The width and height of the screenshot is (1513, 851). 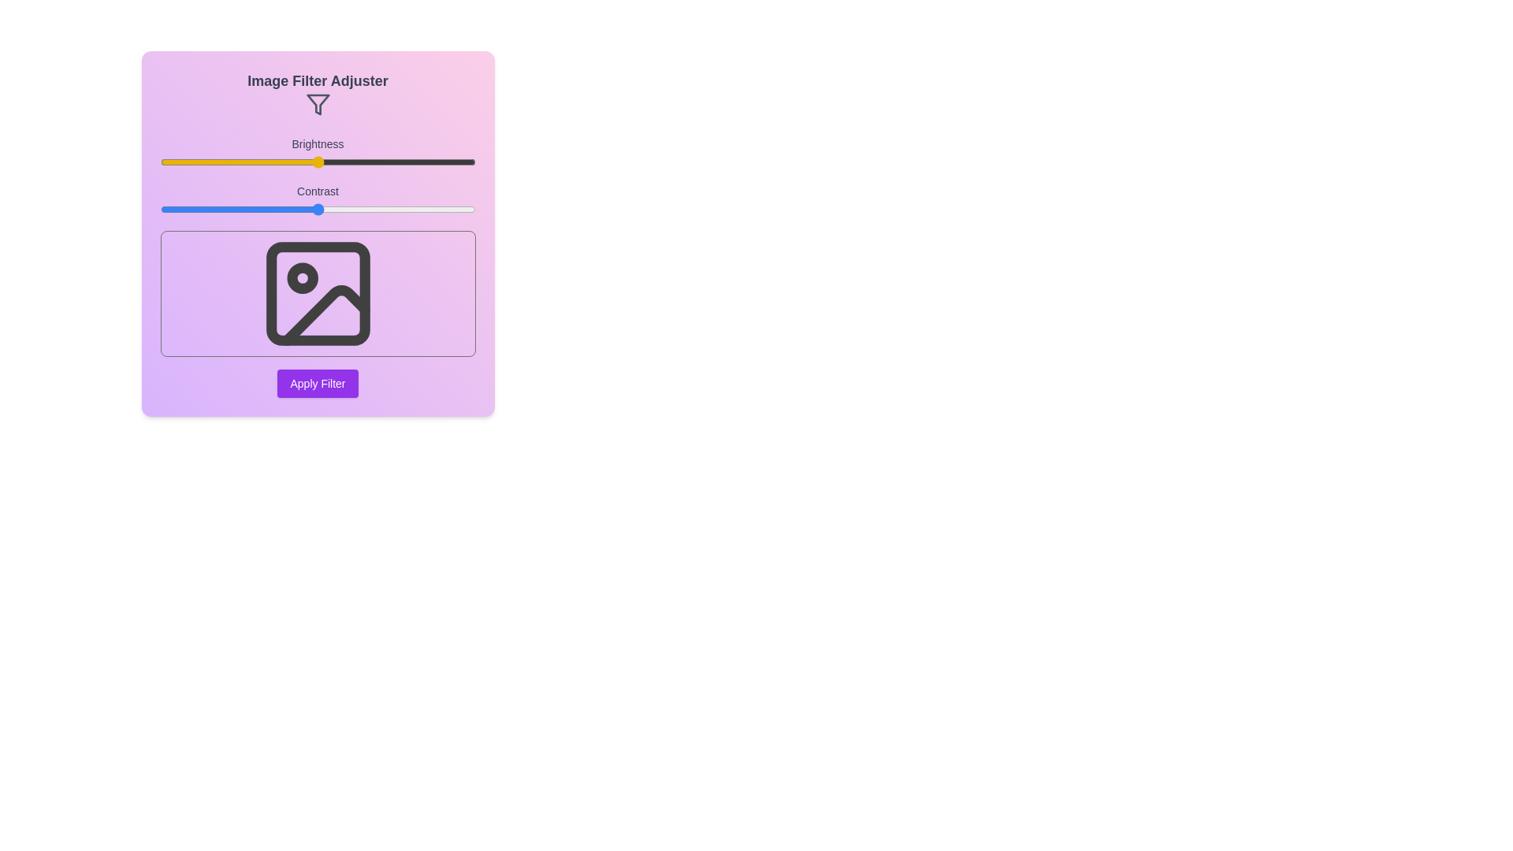 What do you see at coordinates (292, 162) in the screenshot?
I see `the brightness slider to 42%` at bounding box center [292, 162].